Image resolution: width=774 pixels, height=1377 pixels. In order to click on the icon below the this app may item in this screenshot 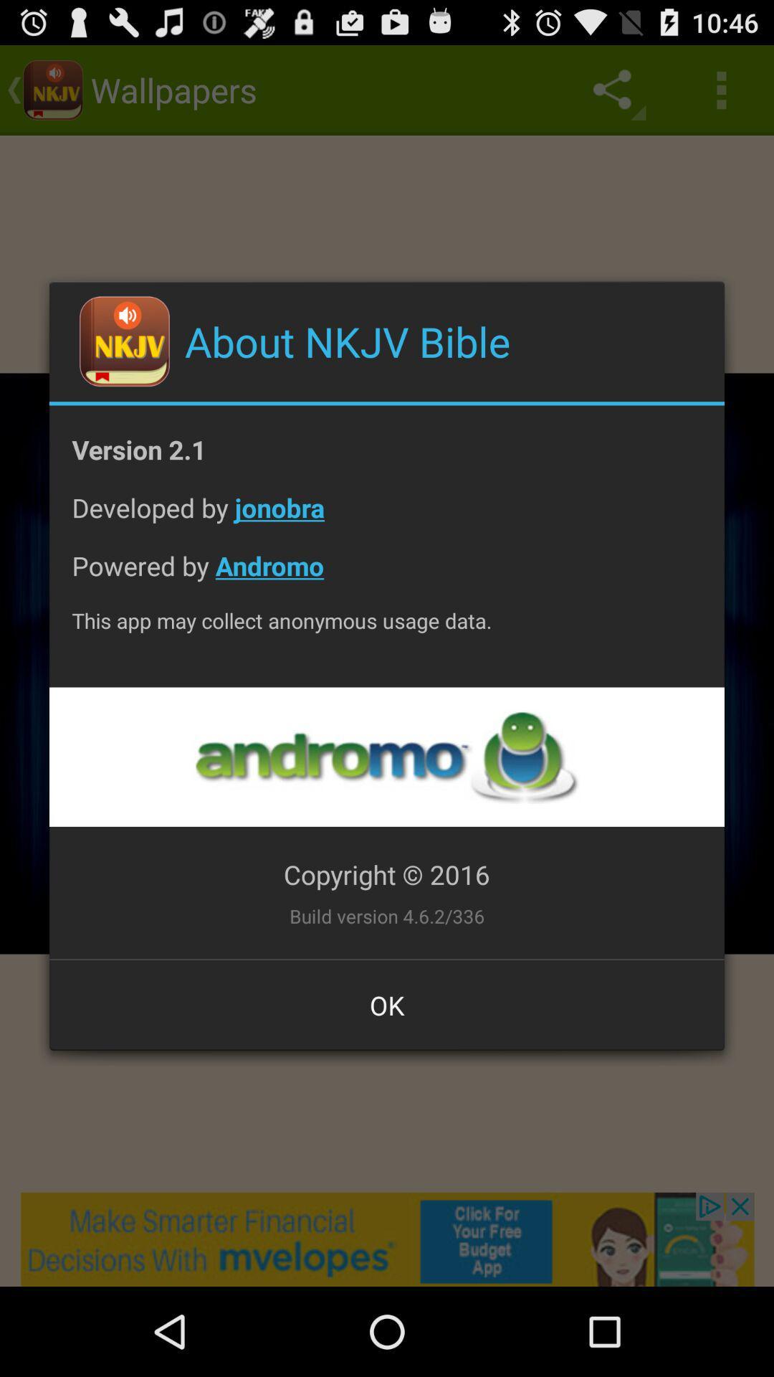, I will do `click(386, 756)`.